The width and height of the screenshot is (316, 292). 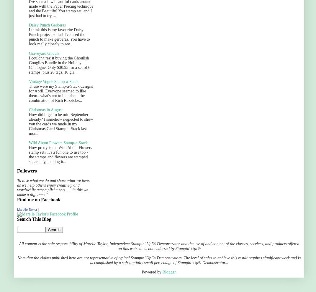 What do you see at coordinates (39, 199) in the screenshot?
I see `'Find me on Facebook'` at bounding box center [39, 199].